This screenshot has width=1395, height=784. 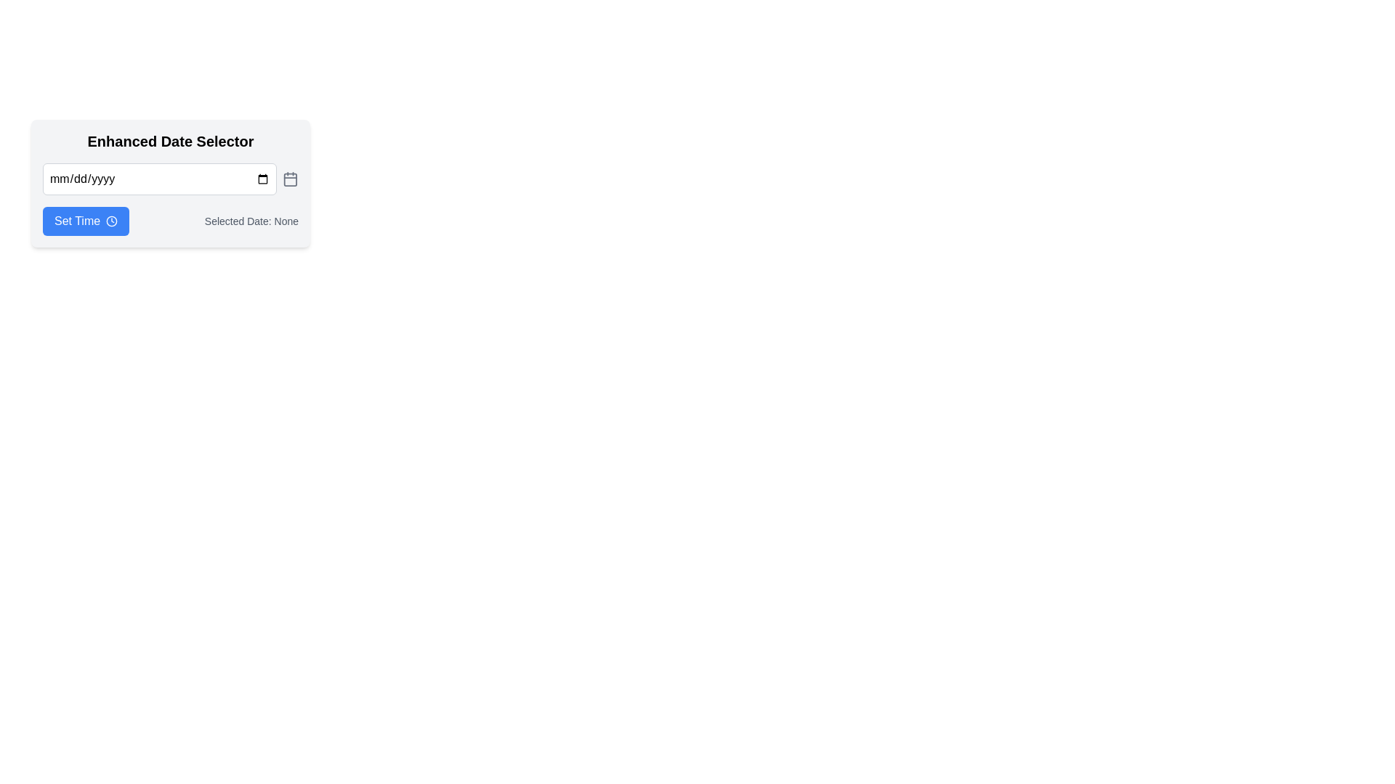 I want to click on the Text Input field for date entry, so click(x=160, y=178).